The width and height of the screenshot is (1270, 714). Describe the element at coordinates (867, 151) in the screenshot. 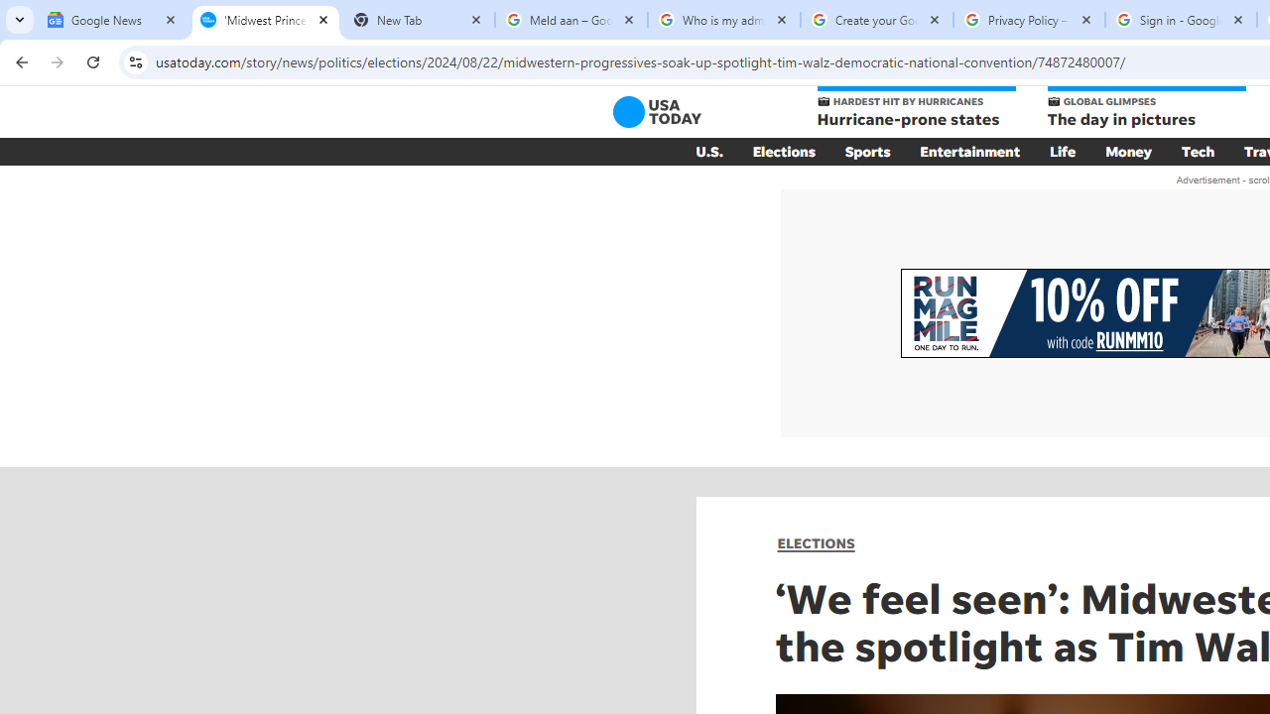

I see `'Sports'` at that location.